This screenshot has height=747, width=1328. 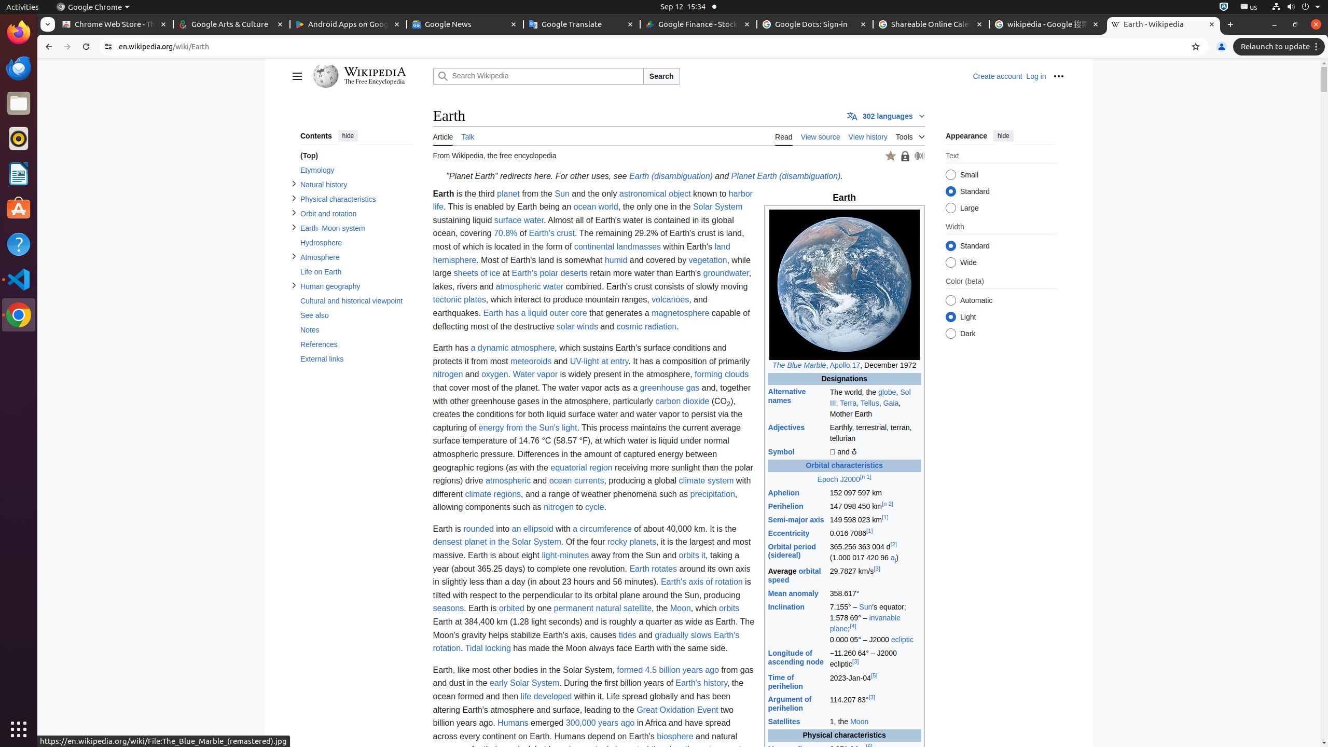 What do you see at coordinates (576, 480) in the screenshot?
I see `'ocean currents'` at bounding box center [576, 480].